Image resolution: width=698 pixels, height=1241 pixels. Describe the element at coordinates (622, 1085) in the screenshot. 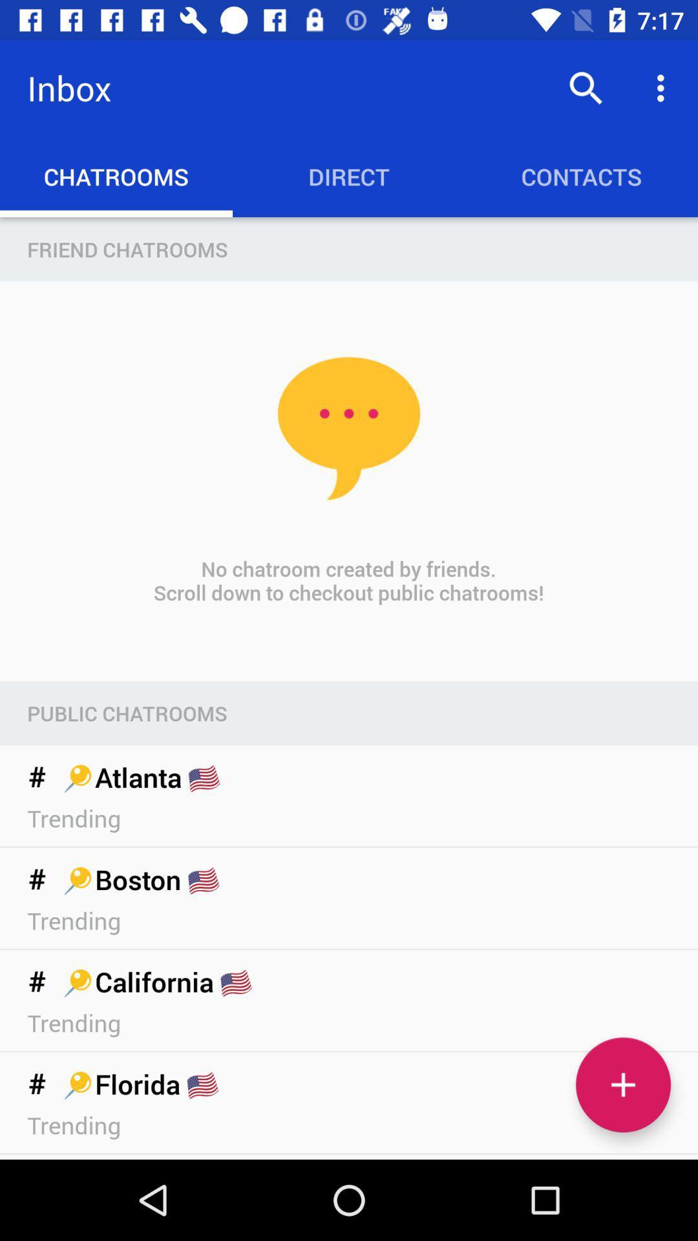

I see `the add icon` at that location.